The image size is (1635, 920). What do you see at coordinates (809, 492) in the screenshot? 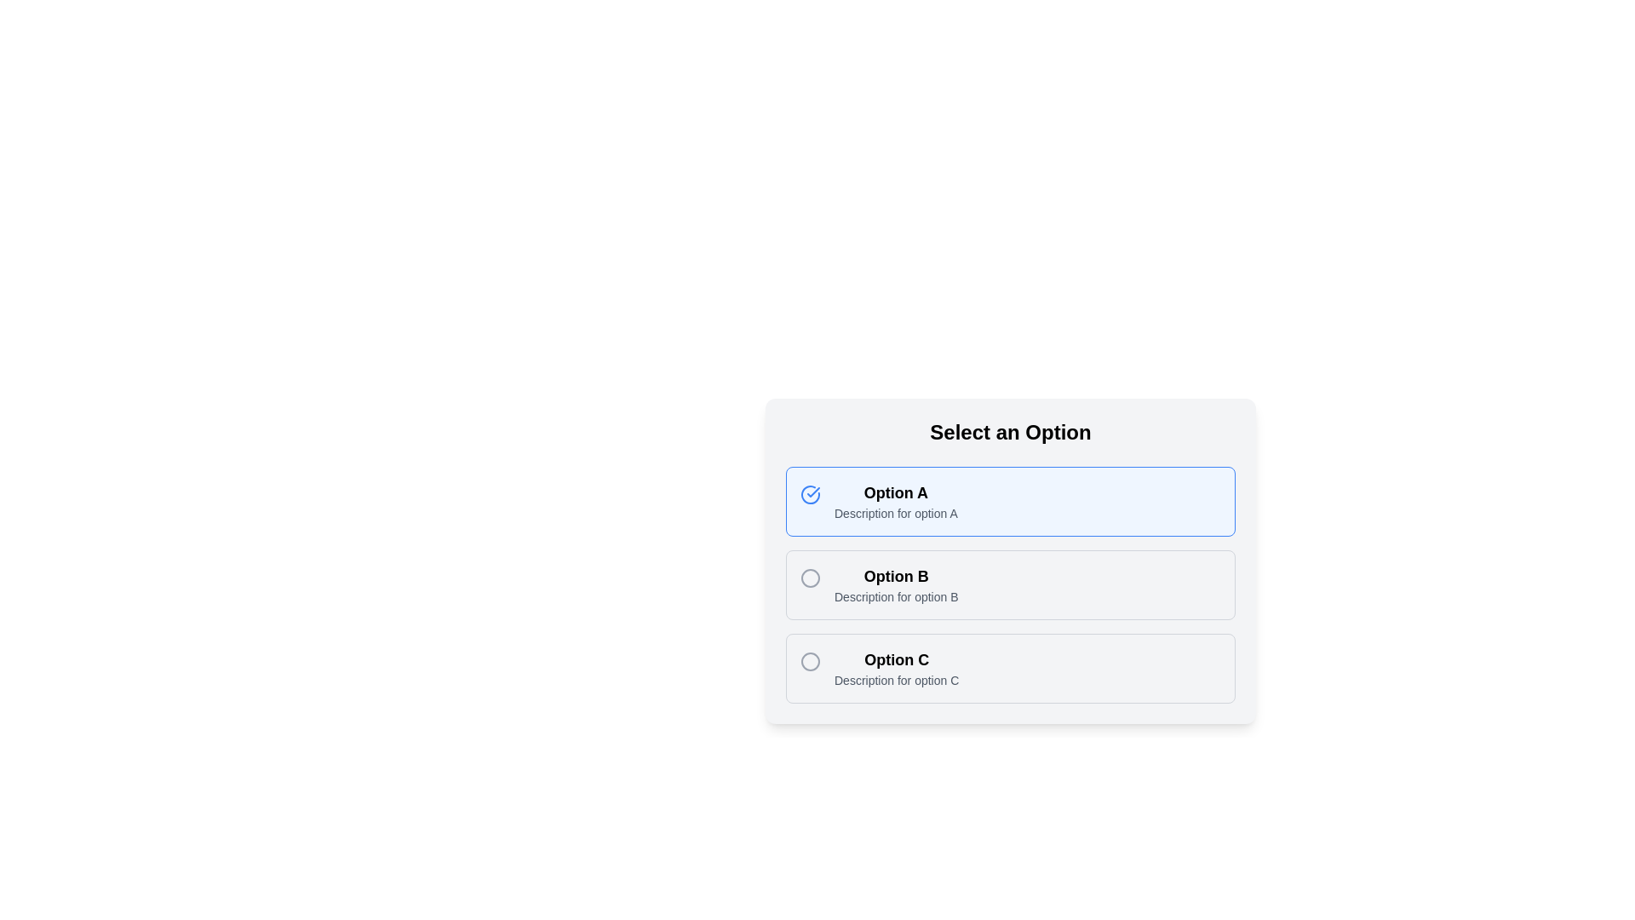
I see `the icon that indicates 'Option A' is selected, located at the top-left corner of the first option card` at bounding box center [809, 492].